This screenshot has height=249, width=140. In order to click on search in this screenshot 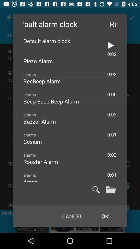, I will do `click(96, 189)`.